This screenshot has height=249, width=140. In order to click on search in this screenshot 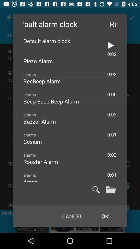, I will do `click(96, 189)`.